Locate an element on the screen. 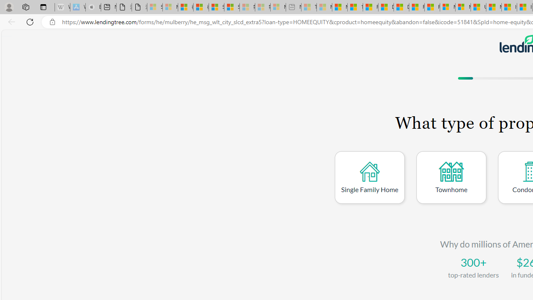  'Microsoft Services Agreement - Sleeping' is located at coordinates (169, 7).